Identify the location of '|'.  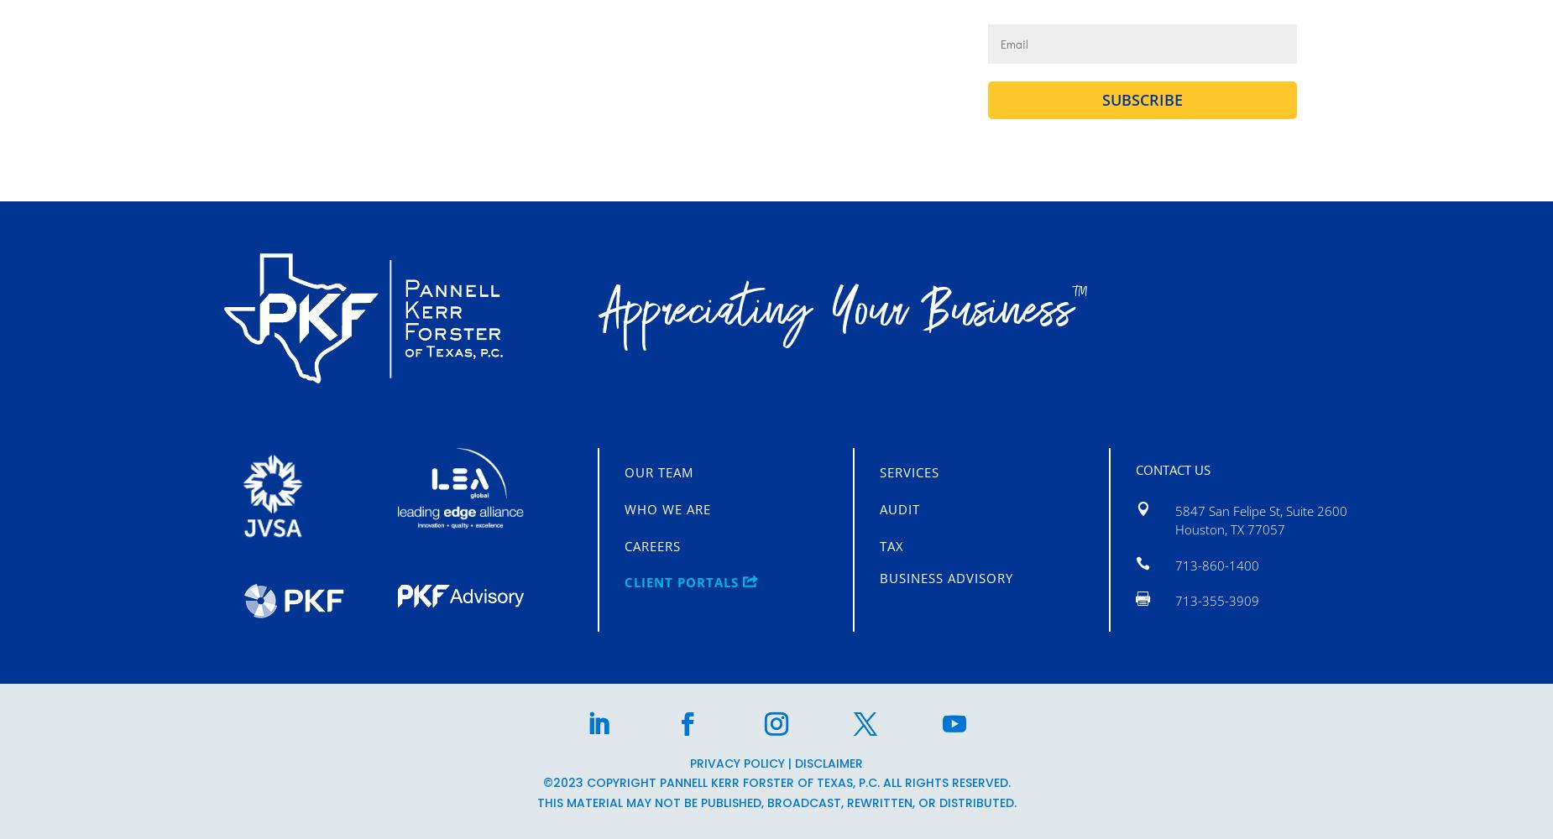
(788, 763).